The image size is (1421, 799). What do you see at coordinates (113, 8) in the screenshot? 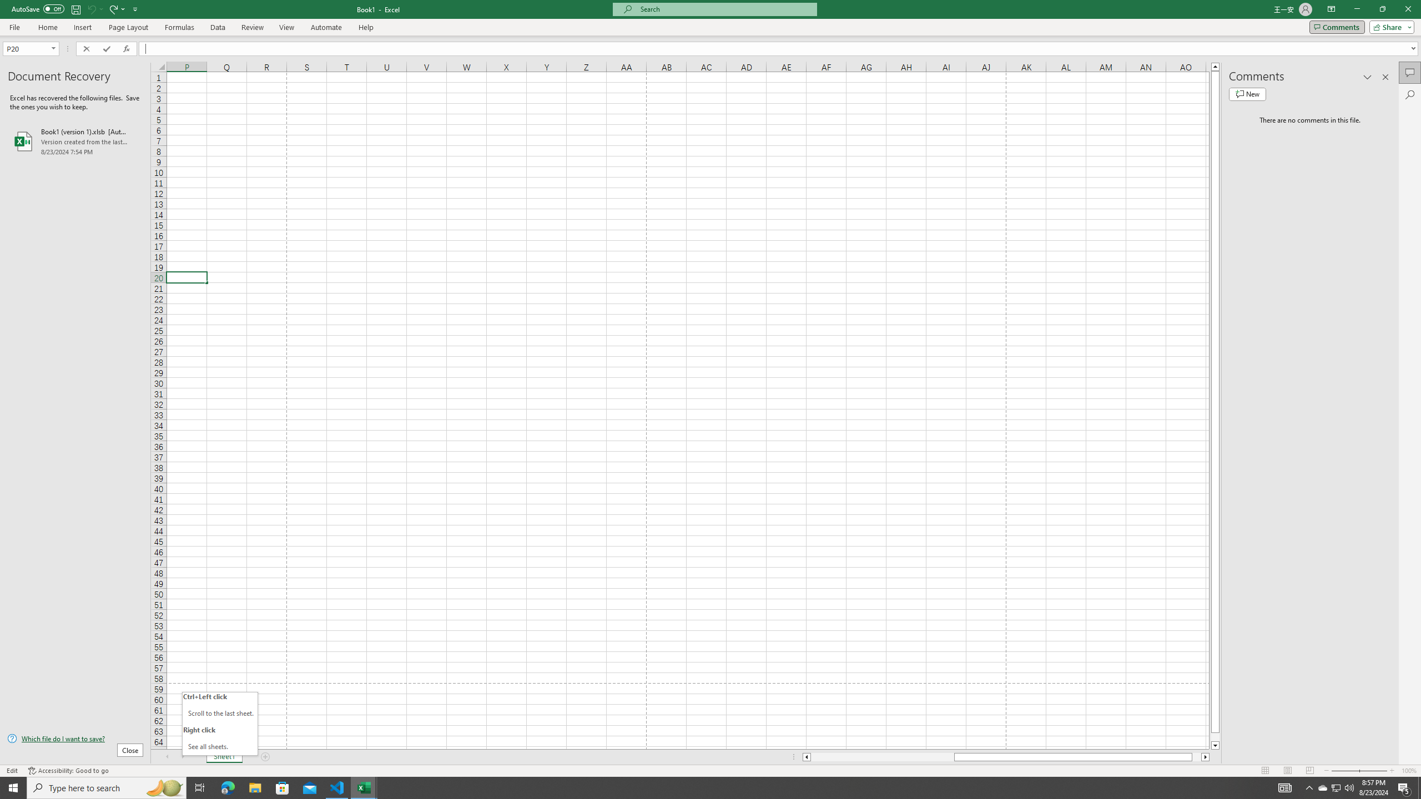
I see `'Redo'` at bounding box center [113, 8].